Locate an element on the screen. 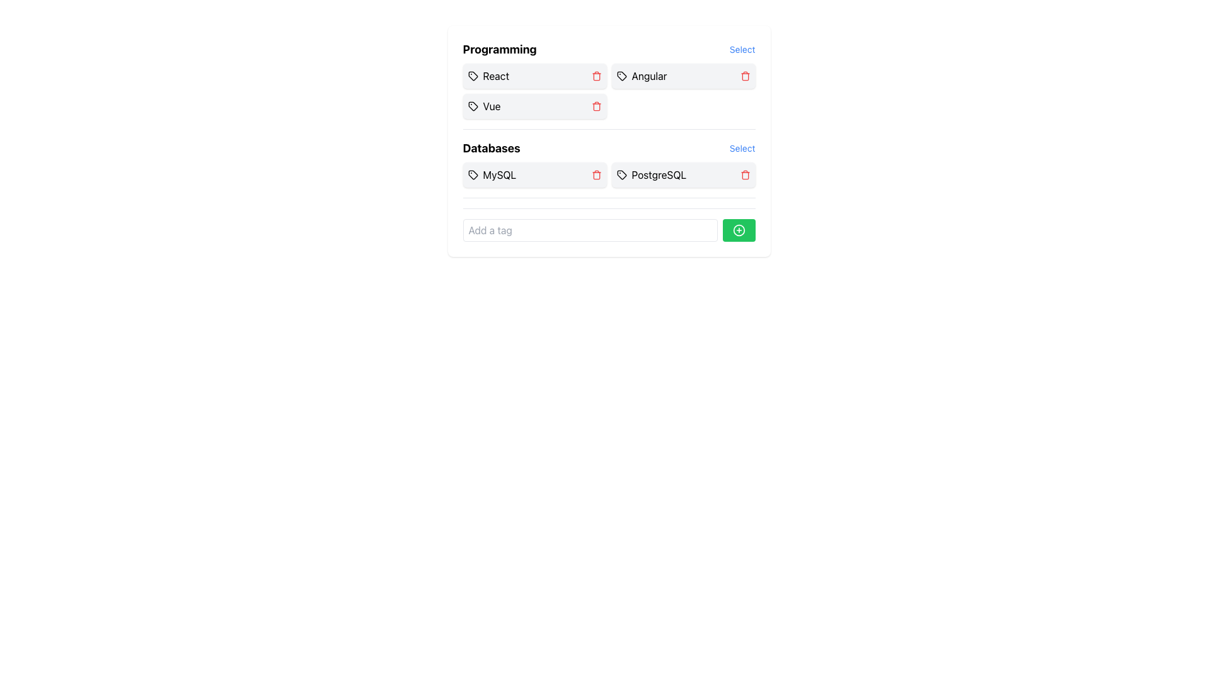  the delete button located to the right of the 'MySQL' text is located at coordinates (596, 174).